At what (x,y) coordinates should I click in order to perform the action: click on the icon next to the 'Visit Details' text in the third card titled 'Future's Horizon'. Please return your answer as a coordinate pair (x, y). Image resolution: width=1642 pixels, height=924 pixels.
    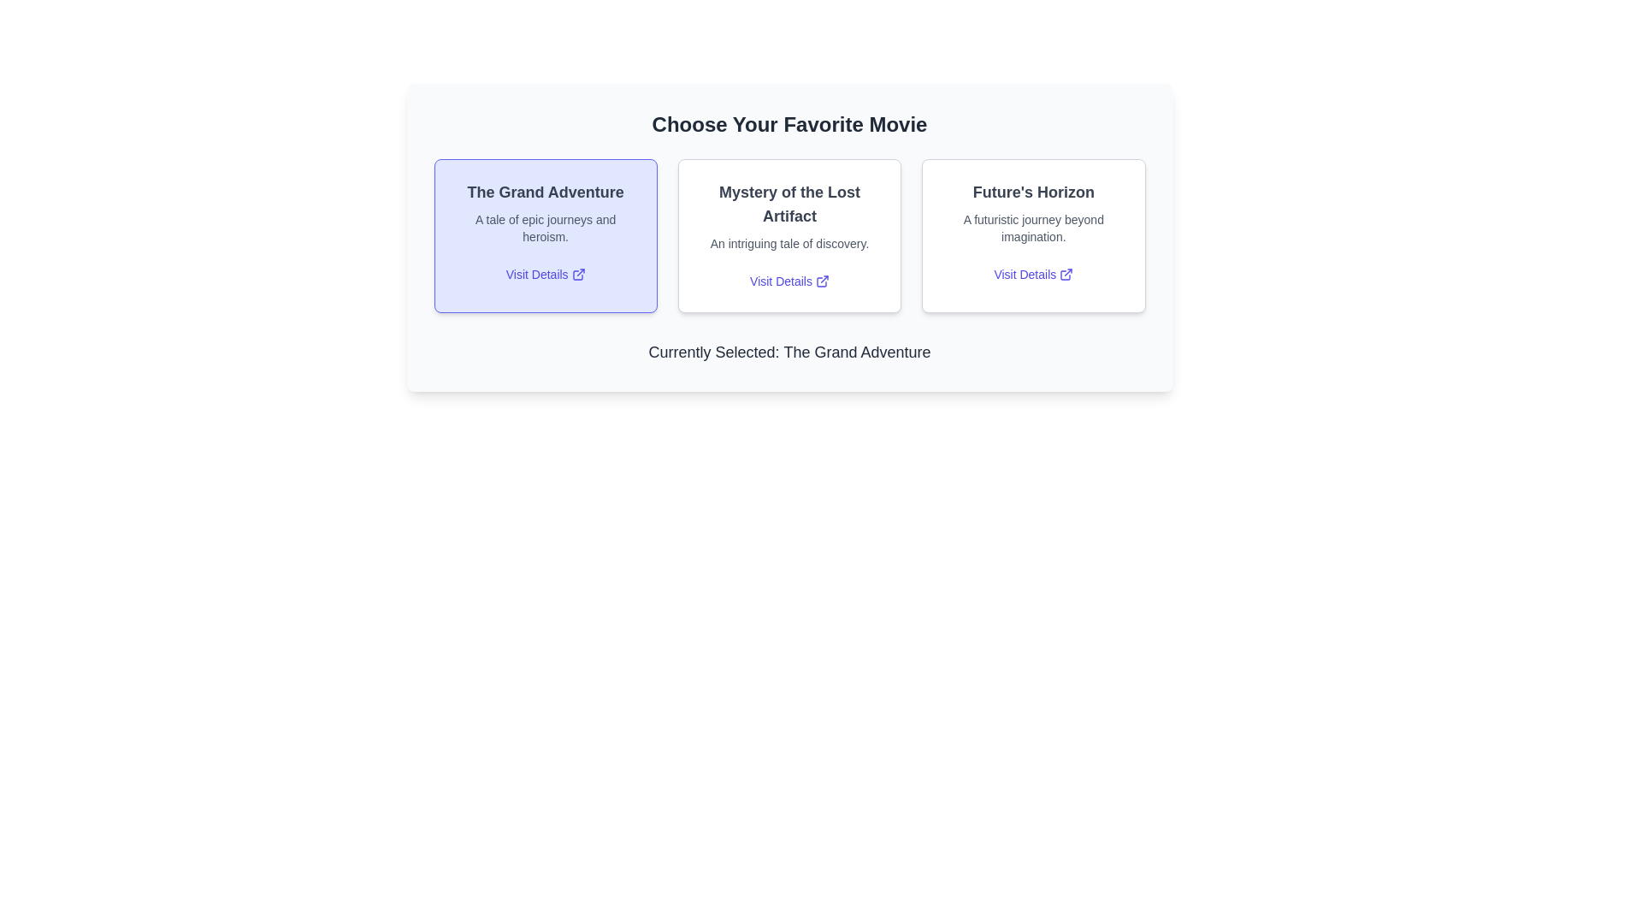
    Looking at the image, I should click on (1066, 273).